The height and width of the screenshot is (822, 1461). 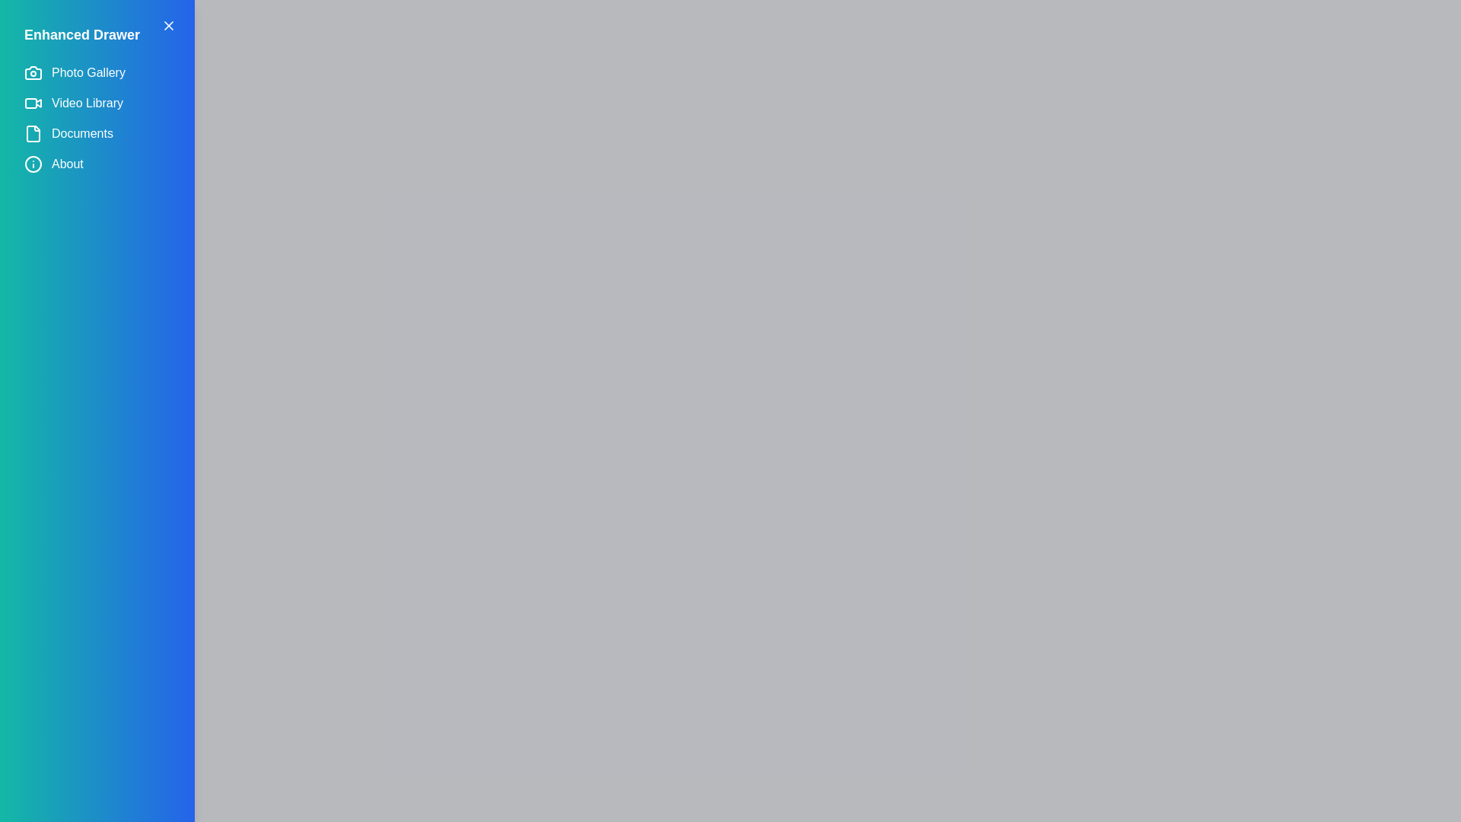 What do you see at coordinates (81, 133) in the screenshot?
I see `the third item in the vertical menu that directs to documents, located next to the document icon` at bounding box center [81, 133].